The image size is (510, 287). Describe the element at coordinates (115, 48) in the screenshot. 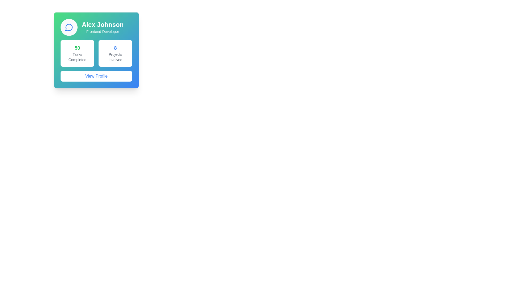

I see `the bold, large-sized blue number '8' located in the top-center of the light-themed statistics card, which is directly above the text 'Projects Involved'` at that location.